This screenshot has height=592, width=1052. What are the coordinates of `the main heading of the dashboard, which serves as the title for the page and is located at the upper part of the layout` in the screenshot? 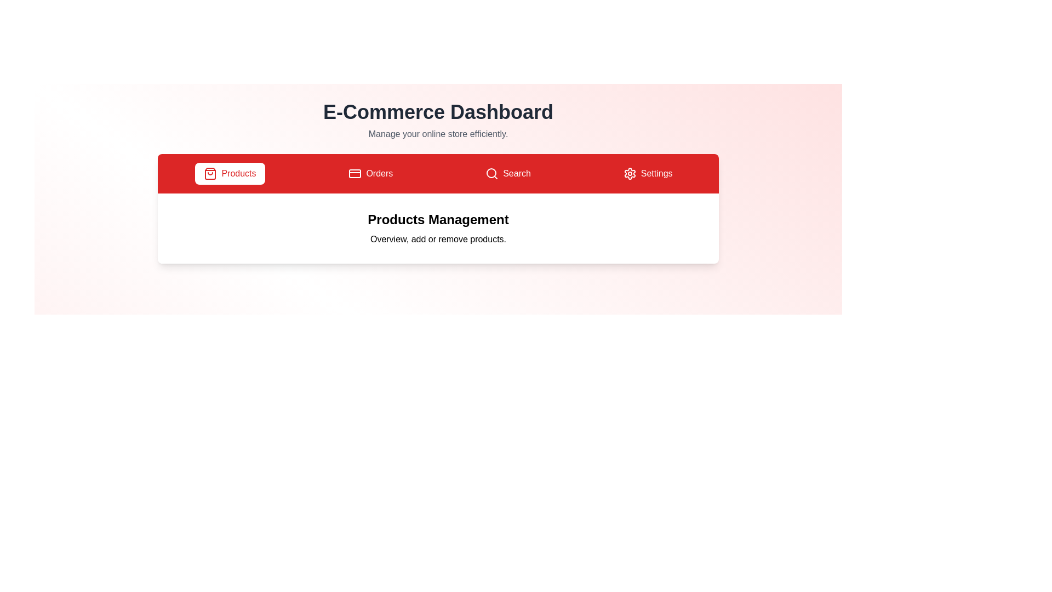 It's located at (438, 112).